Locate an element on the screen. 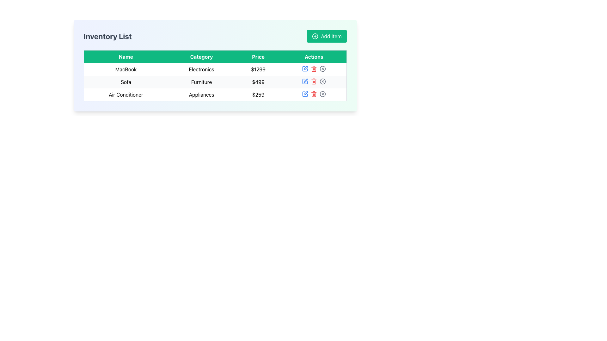  the circular cancel button located in the actions column of the third row (Air Conditioner item) in the inventory table is located at coordinates (323, 94).